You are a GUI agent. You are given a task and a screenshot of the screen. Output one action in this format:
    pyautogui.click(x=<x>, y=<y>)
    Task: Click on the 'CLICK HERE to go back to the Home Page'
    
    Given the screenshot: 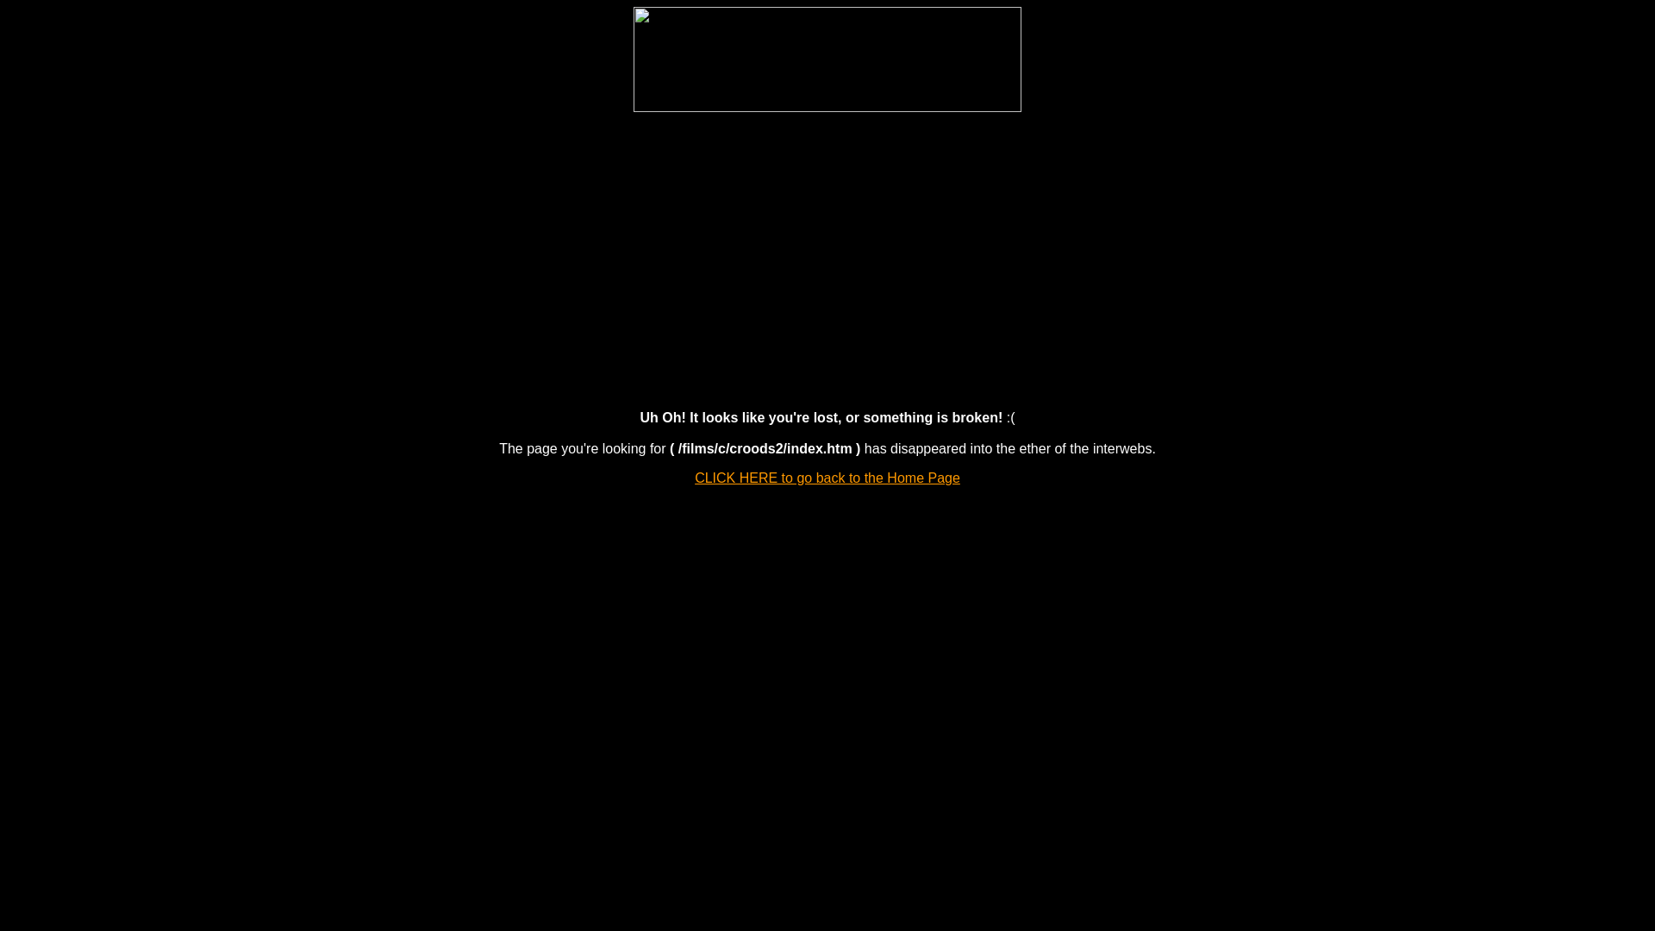 What is the action you would take?
    pyautogui.click(x=827, y=478)
    